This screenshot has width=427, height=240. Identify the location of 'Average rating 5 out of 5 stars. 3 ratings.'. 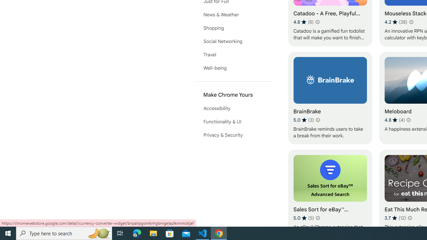
(303, 120).